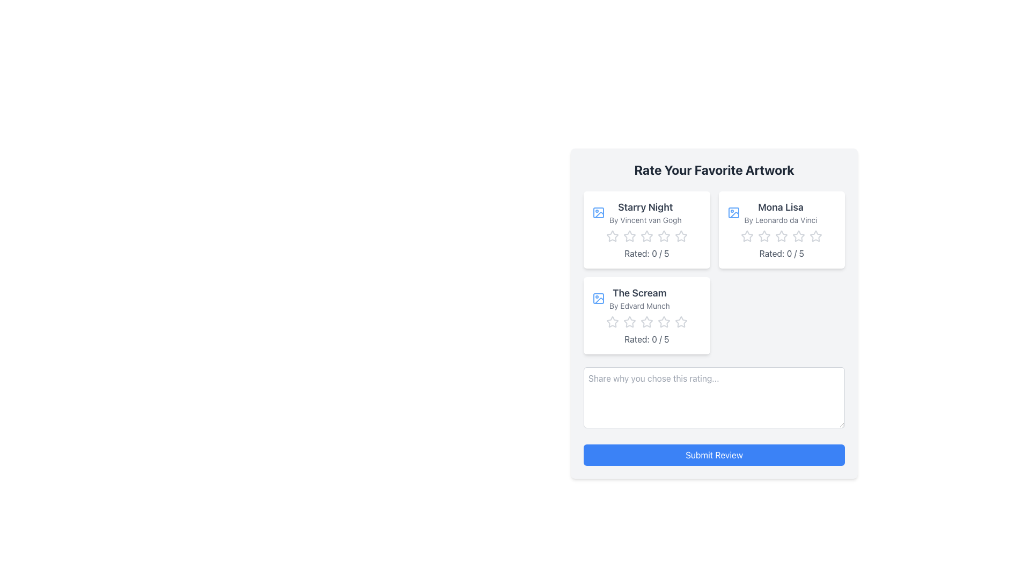  Describe the element at coordinates (747, 235) in the screenshot. I see `the second star icon in the rating row for the 'Mona Lisa' artwork card` at that location.